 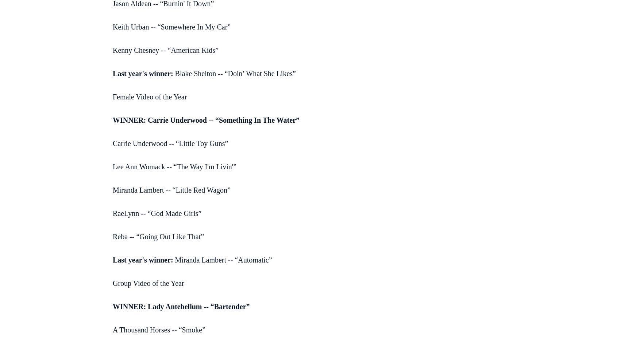 What do you see at coordinates (173, 260) in the screenshot?
I see `'Miranda Lambert -- “Automatic”'` at bounding box center [173, 260].